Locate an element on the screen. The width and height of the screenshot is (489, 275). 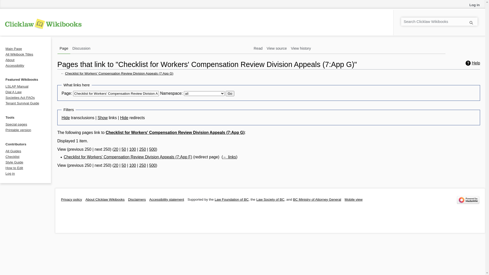
'Log in' is located at coordinates (10, 173).